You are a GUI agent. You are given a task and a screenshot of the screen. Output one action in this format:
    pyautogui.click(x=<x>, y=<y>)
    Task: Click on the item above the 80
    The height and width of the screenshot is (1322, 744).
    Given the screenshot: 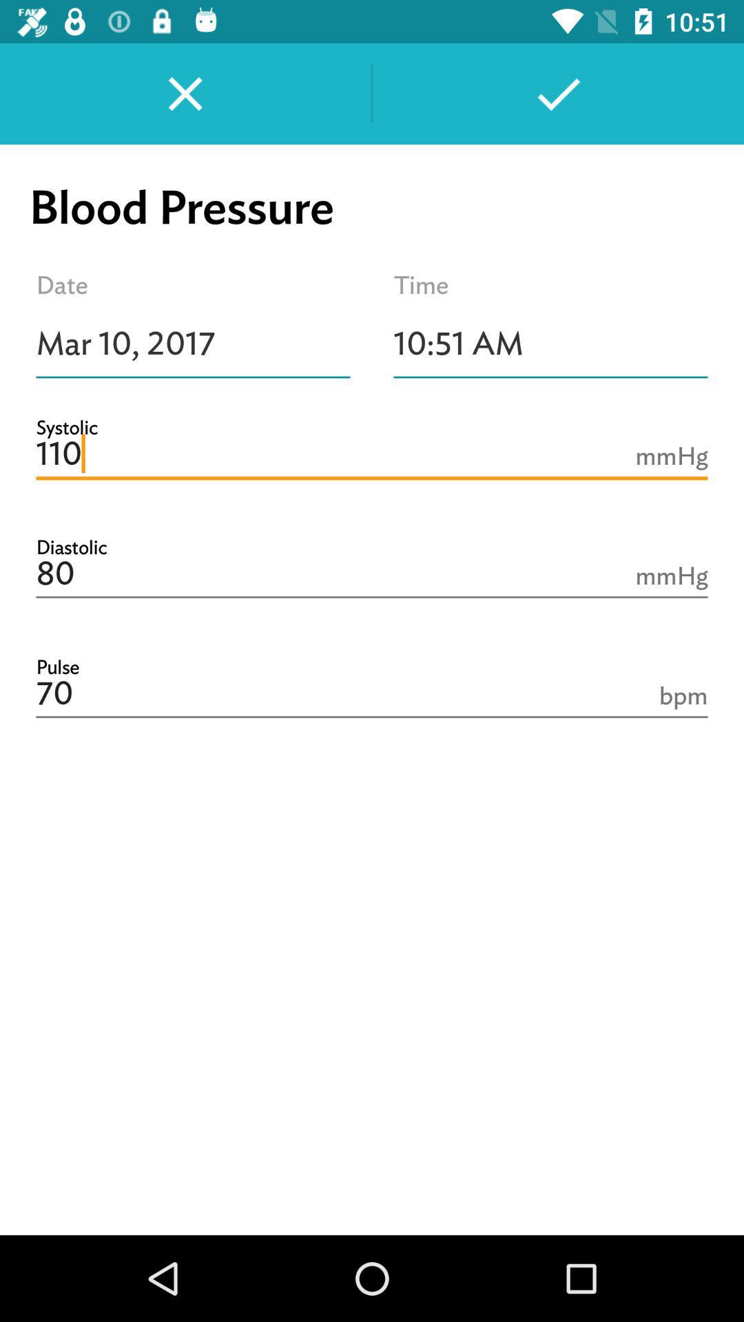 What is the action you would take?
    pyautogui.click(x=372, y=454)
    